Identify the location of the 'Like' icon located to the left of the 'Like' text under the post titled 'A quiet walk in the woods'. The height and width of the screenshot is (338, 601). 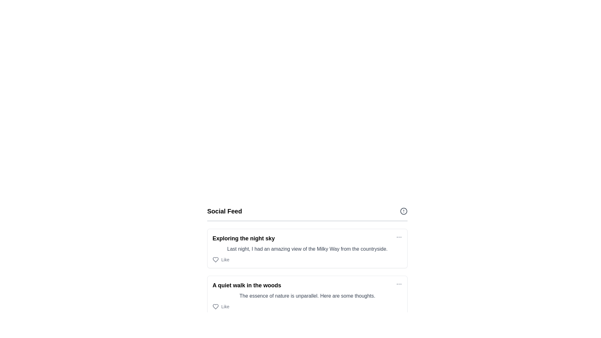
(216, 306).